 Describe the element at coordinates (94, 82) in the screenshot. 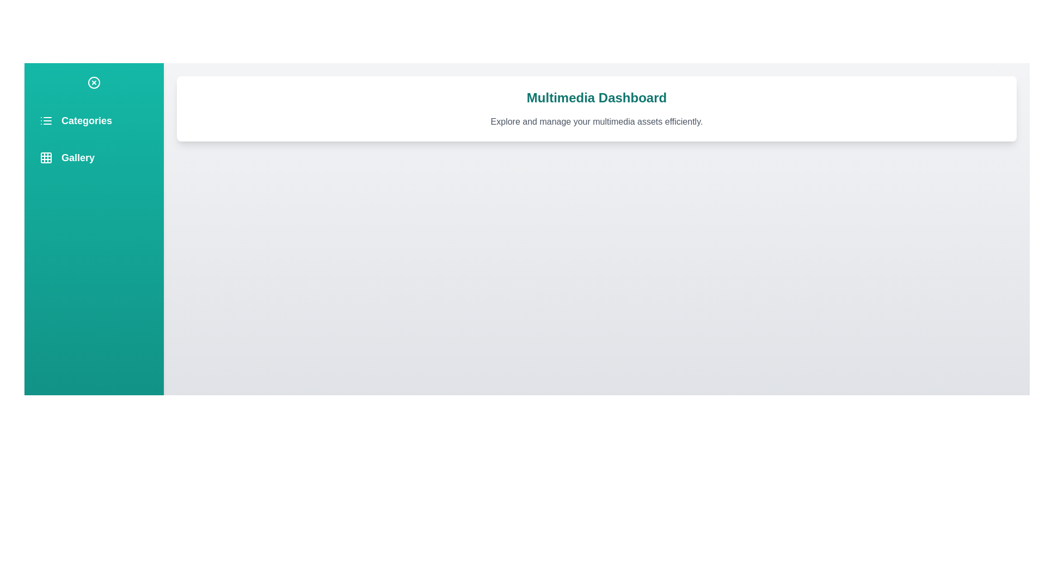

I see `toggle button to change the drawer's visibility` at that location.